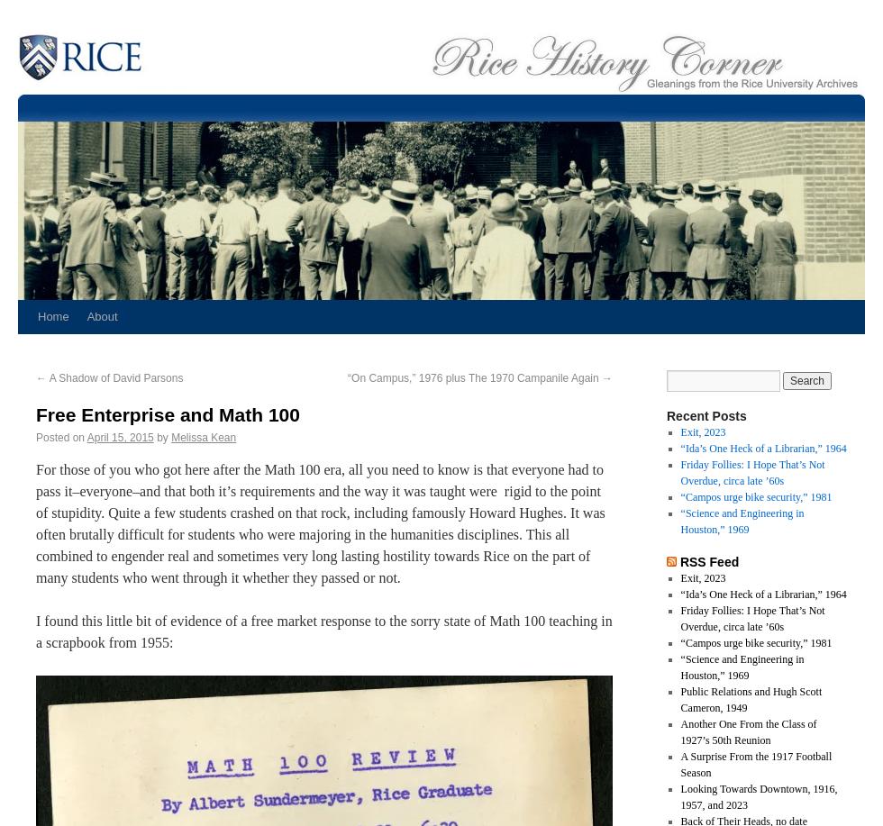 The width and height of the screenshot is (883, 826). What do you see at coordinates (323, 631) in the screenshot?
I see `'I found this little bit of evidence of a free market response to the sorry state of Math 100 teaching in a scrapbook from 1955:'` at bounding box center [323, 631].